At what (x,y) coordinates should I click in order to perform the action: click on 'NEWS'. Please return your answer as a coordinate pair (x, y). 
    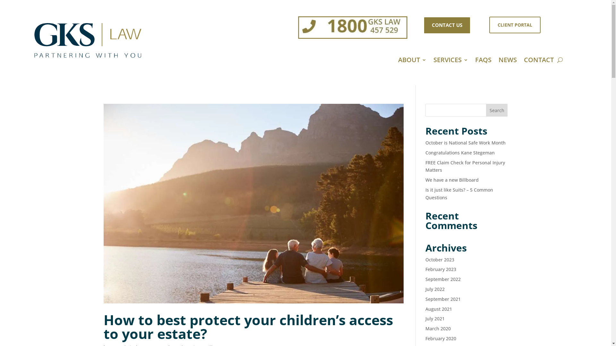
    Looking at the image, I should click on (507, 61).